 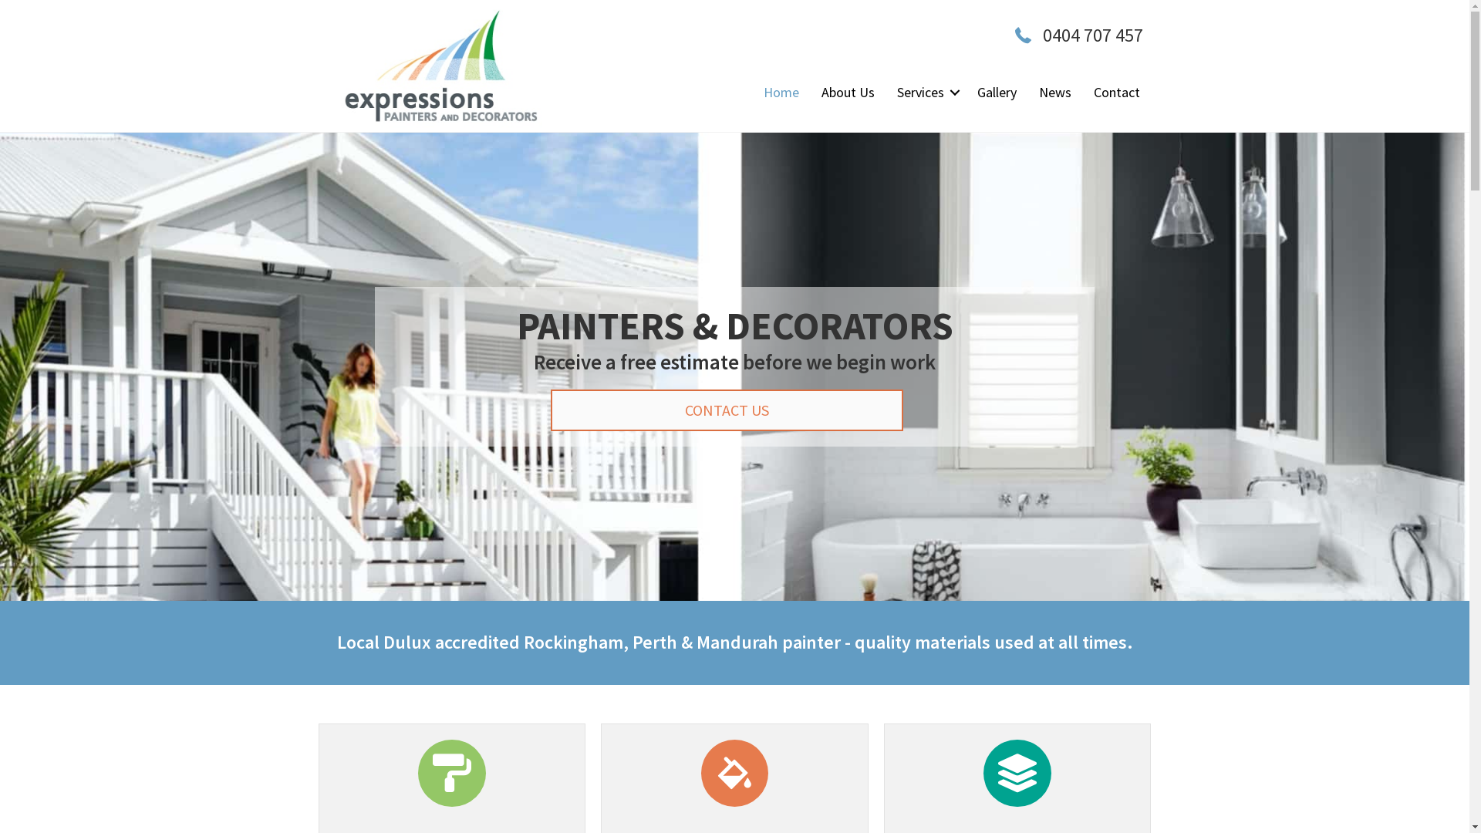 What do you see at coordinates (725, 410) in the screenshot?
I see `'CONTACT US'` at bounding box center [725, 410].